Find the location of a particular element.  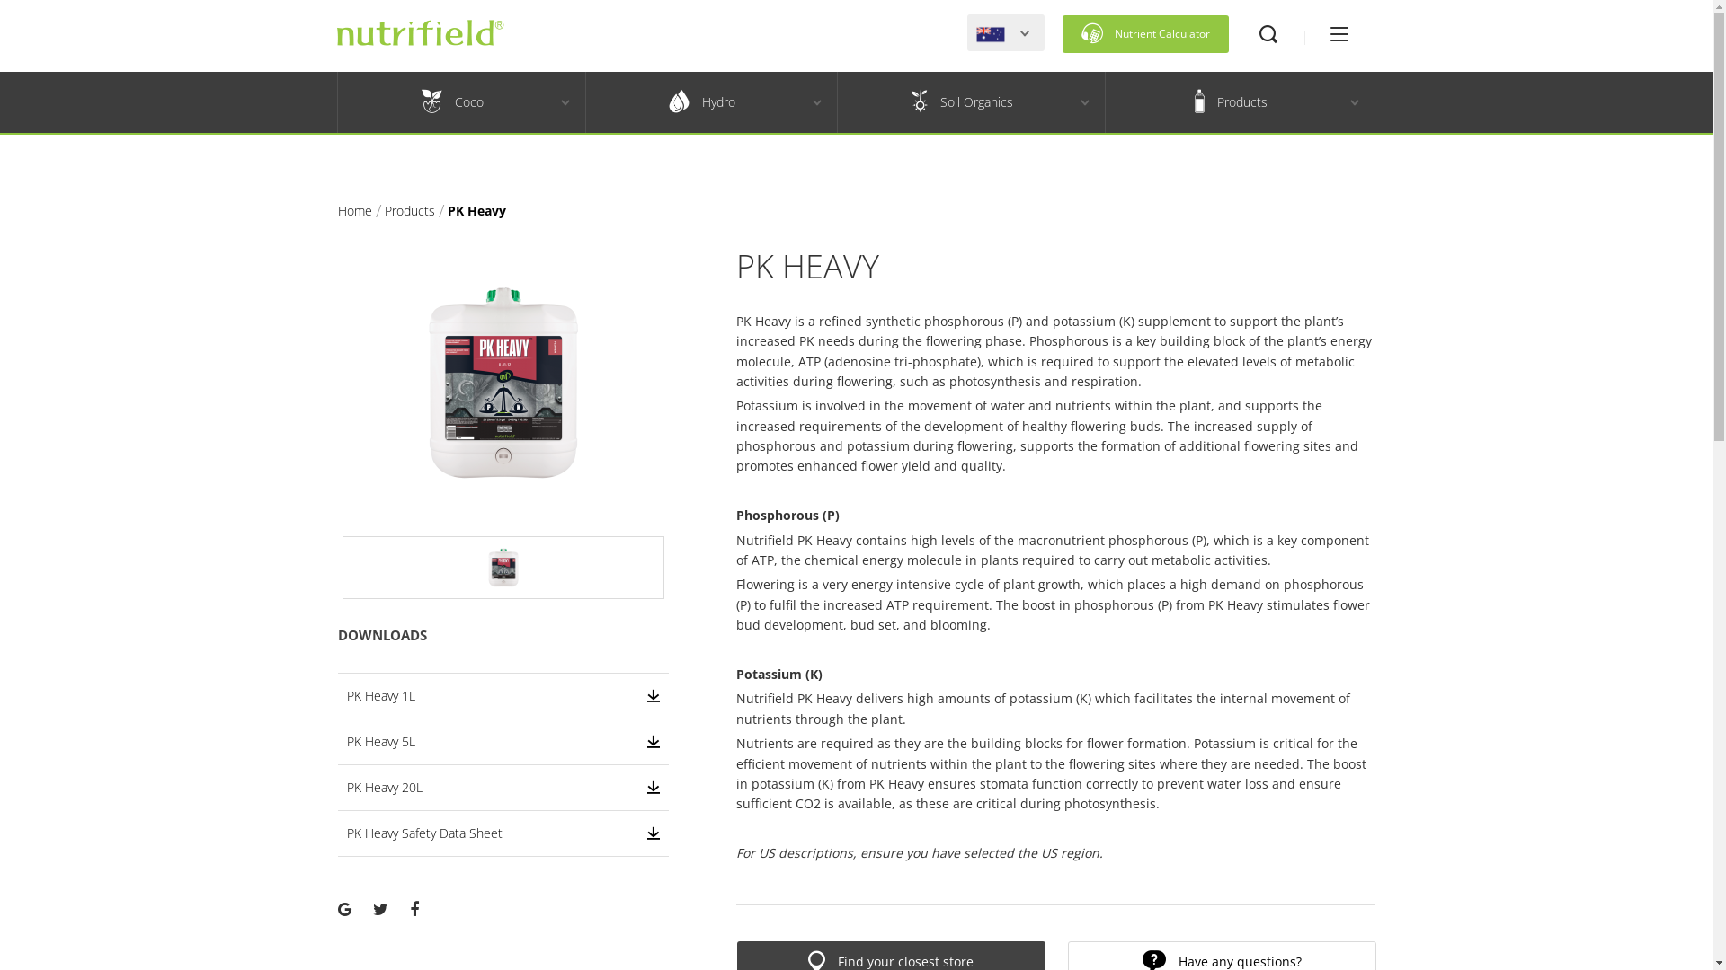

'Home' is located at coordinates (337, 209).